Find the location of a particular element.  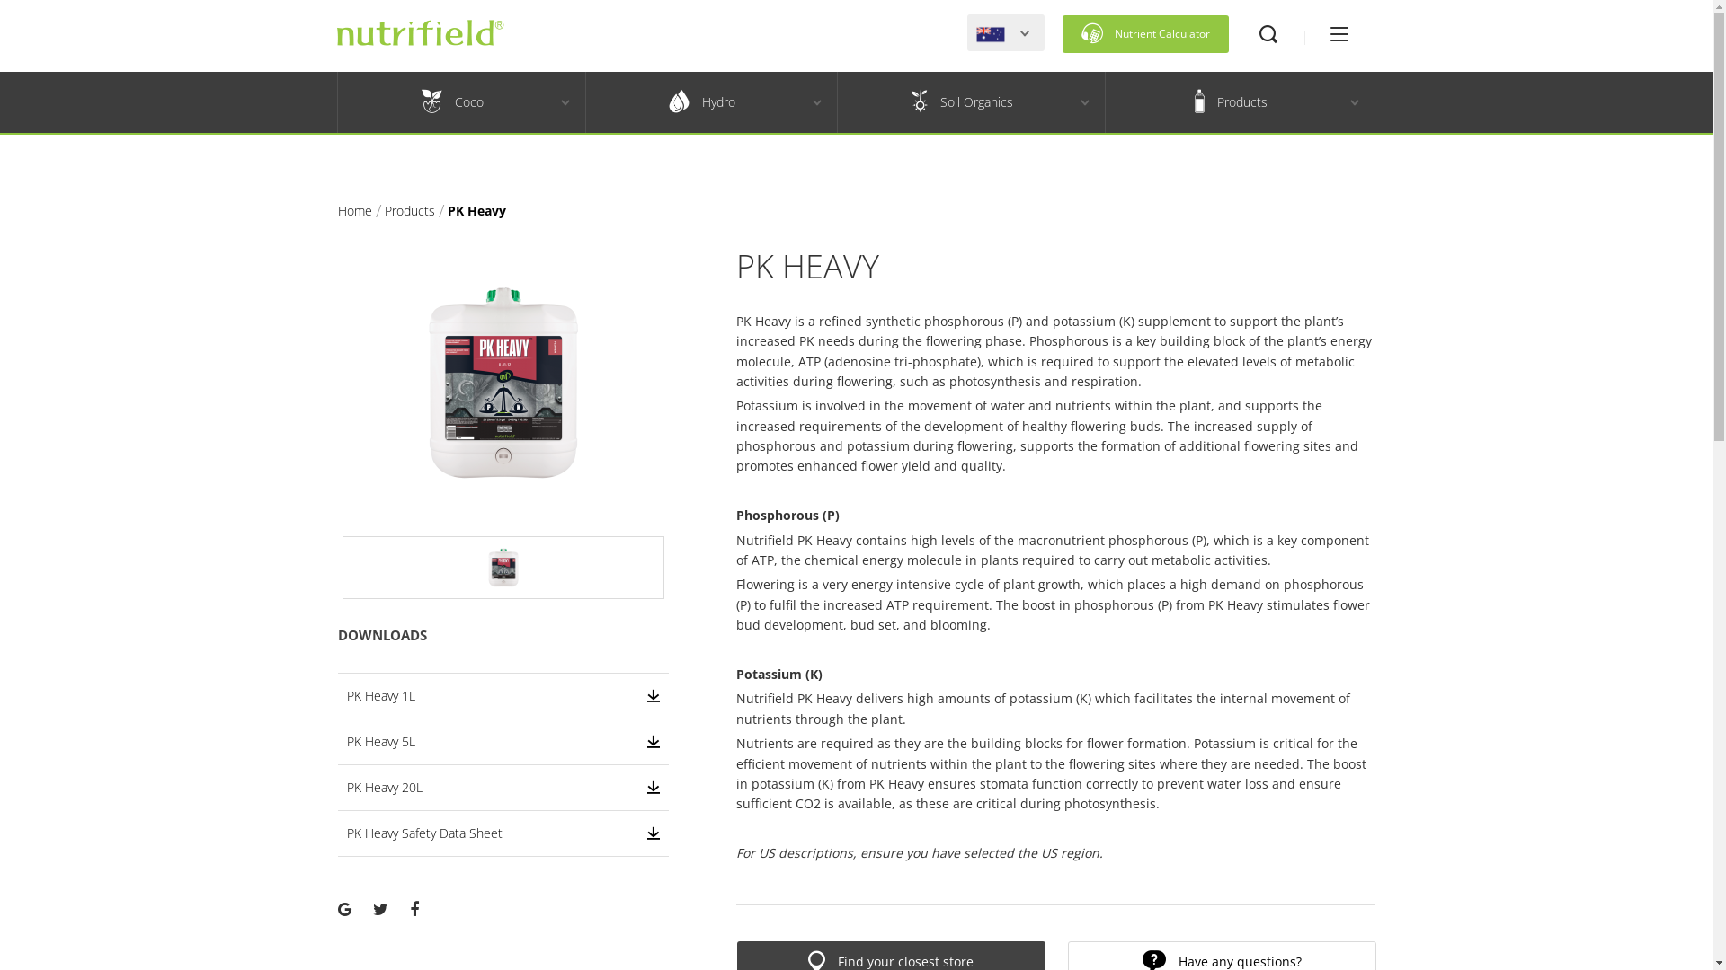

'Home' is located at coordinates (337, 209).